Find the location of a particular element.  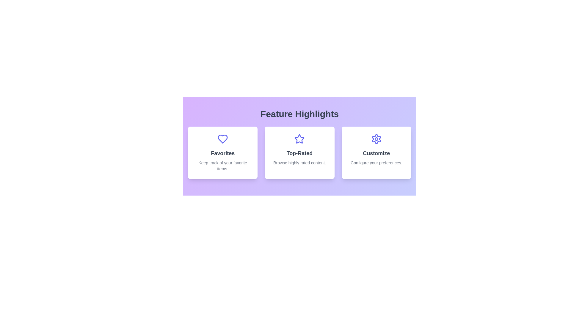

the descriptive subtitle text located at the bottom of the 'Top-Rated' card, which provides additional information about the feature is located at coordinates (299, 163).